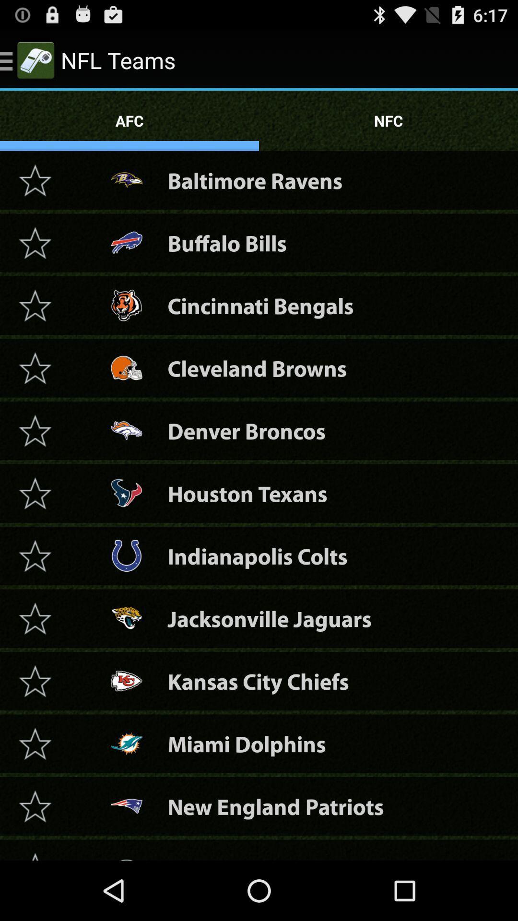 This screenshot has height=921, width=518. I want to click on item below jacksonville jaguars, so click(258, 681).